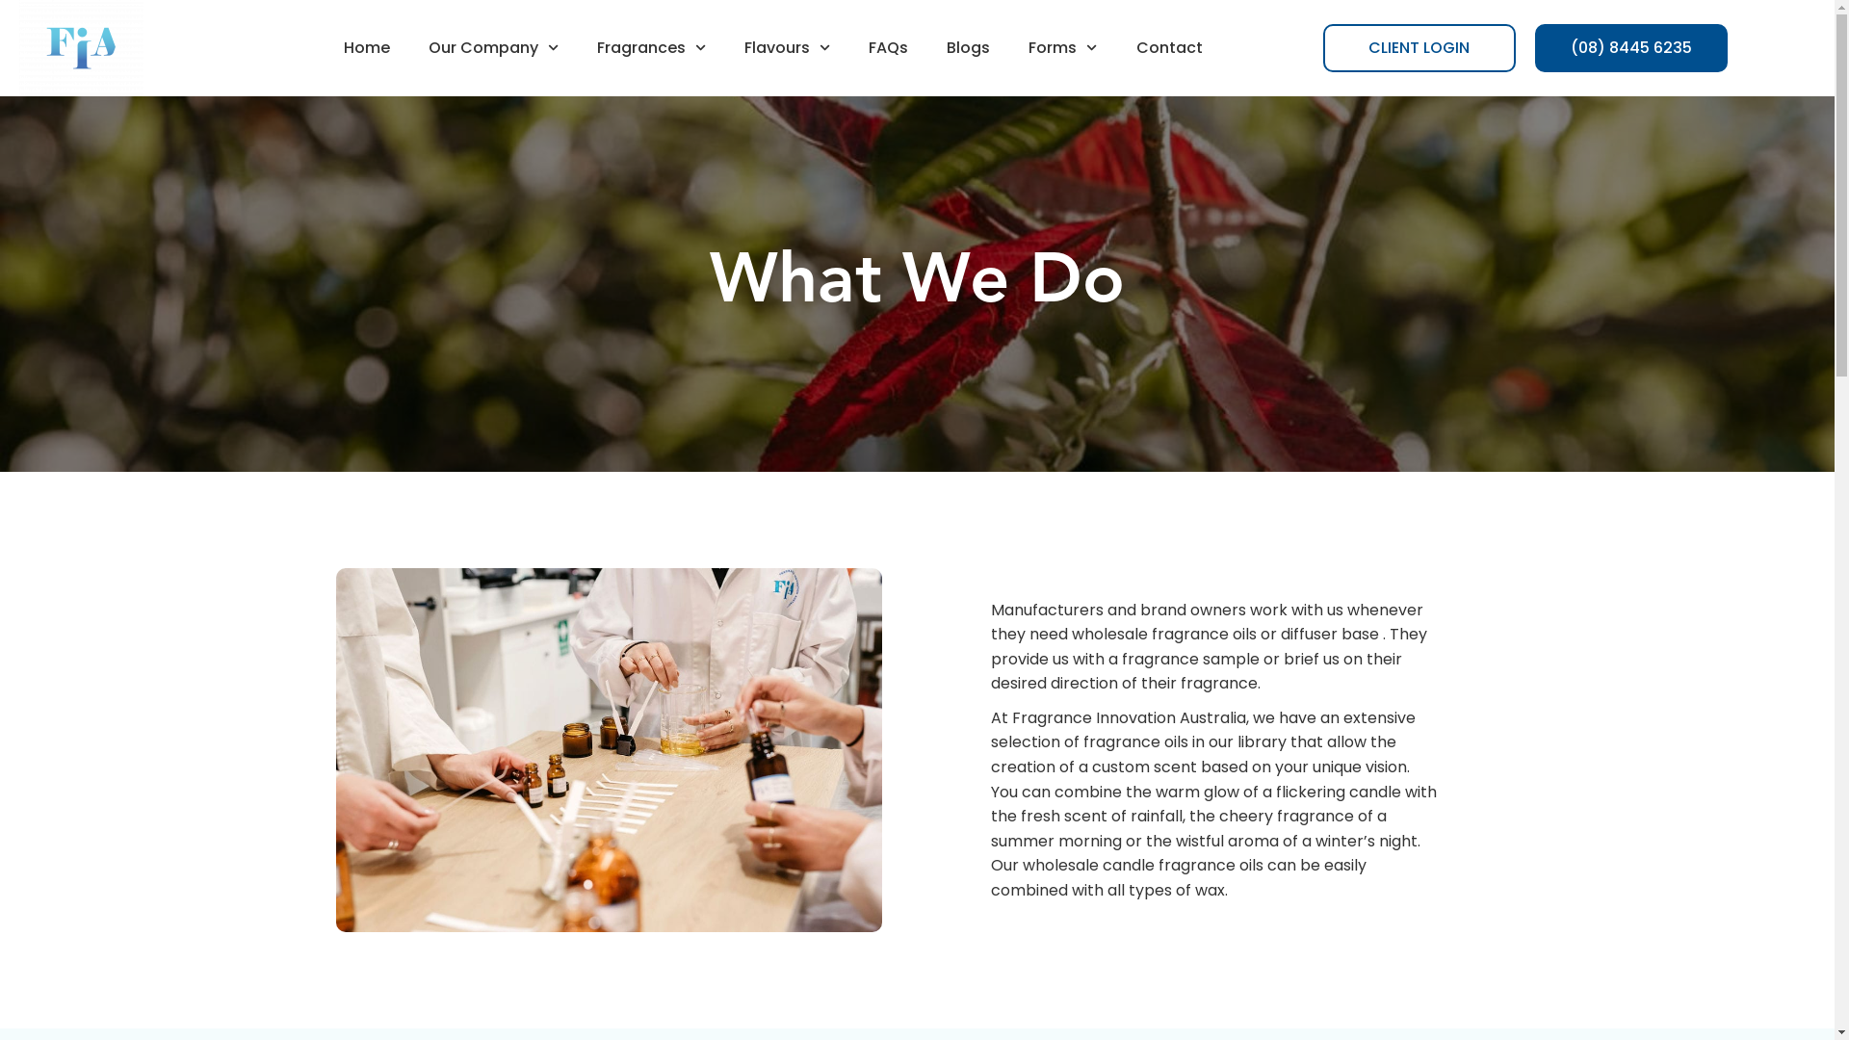 The width and height of the screenshot is (1849, 1040). I want to click on 'Home', so click(366, 47).